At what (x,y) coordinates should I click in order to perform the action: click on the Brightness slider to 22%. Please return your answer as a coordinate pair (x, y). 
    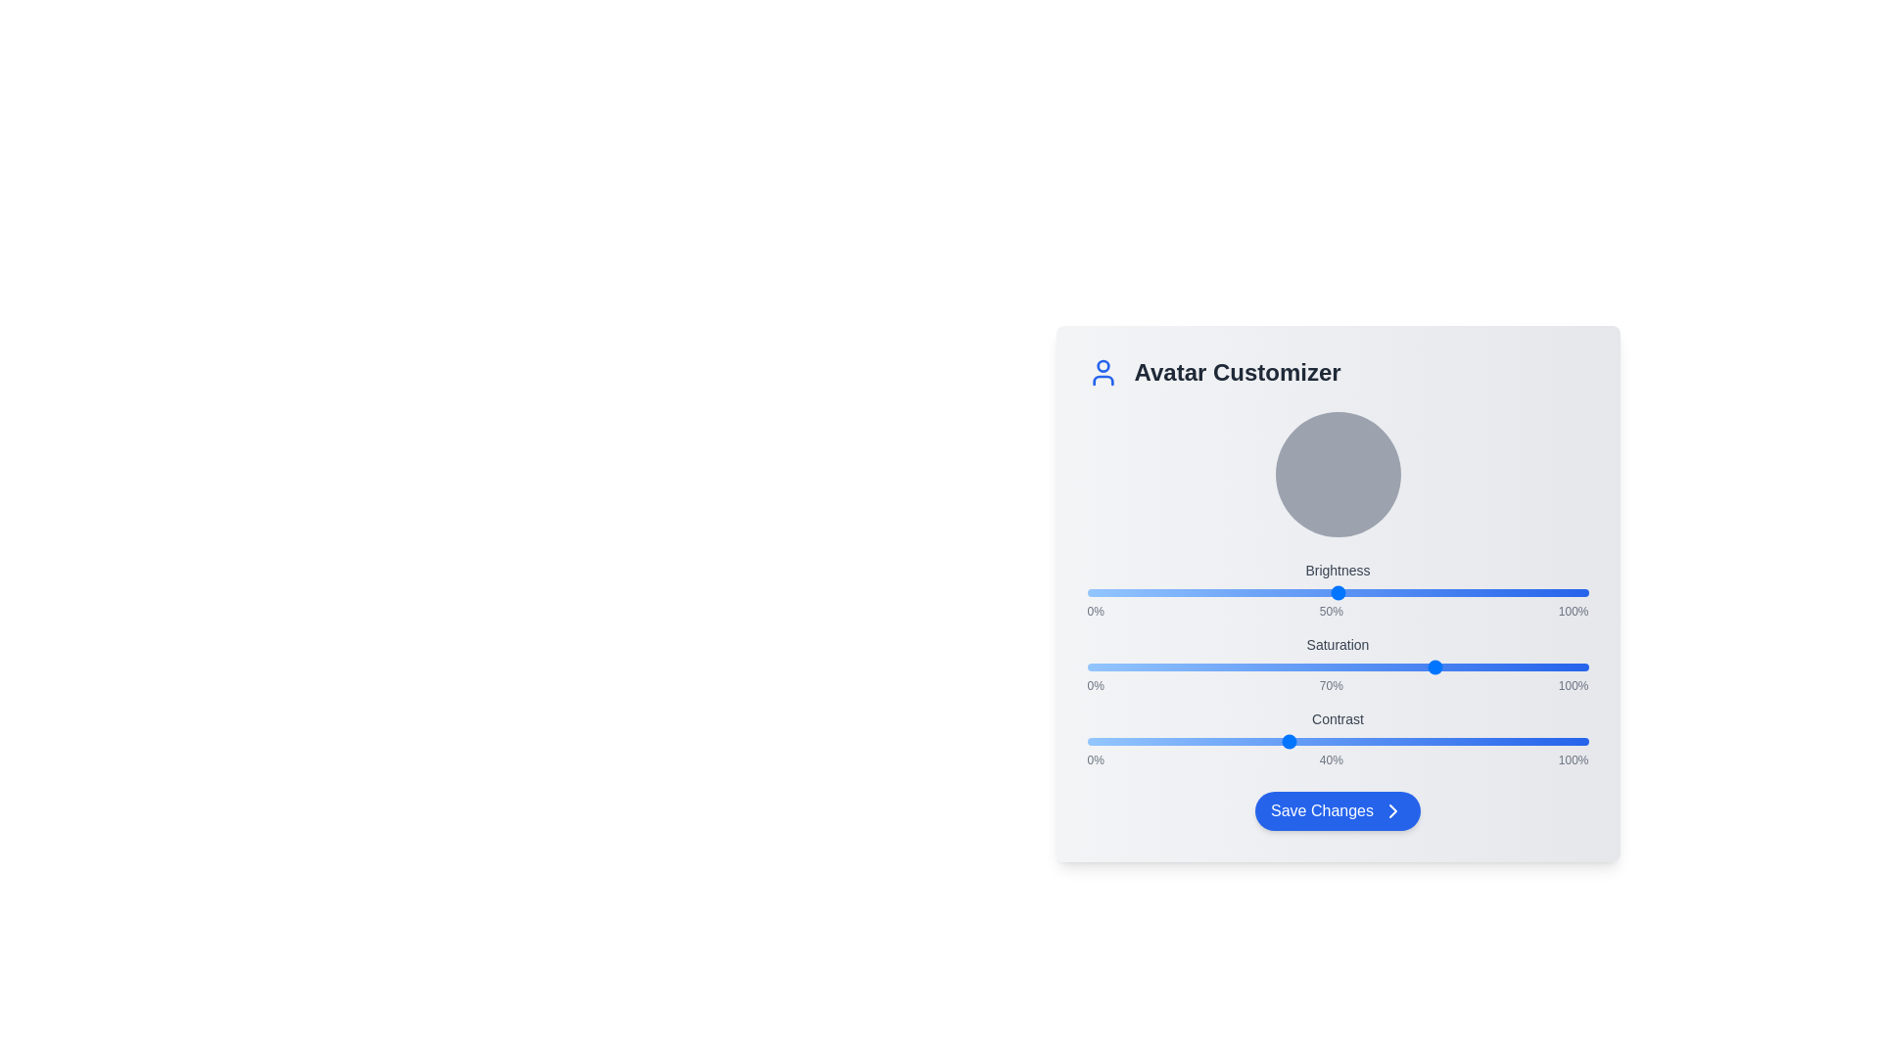
    Looking at the image, I should click on (1197, 591).